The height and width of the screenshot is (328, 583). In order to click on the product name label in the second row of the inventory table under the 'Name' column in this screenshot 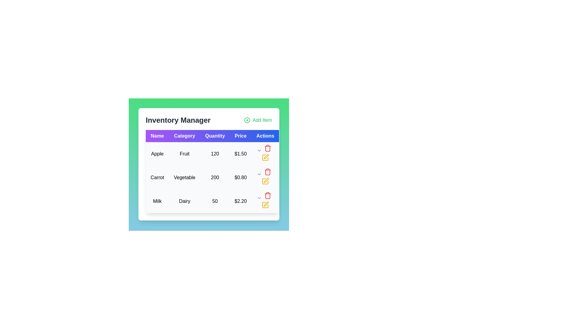, I will do `click(157, 178)`.